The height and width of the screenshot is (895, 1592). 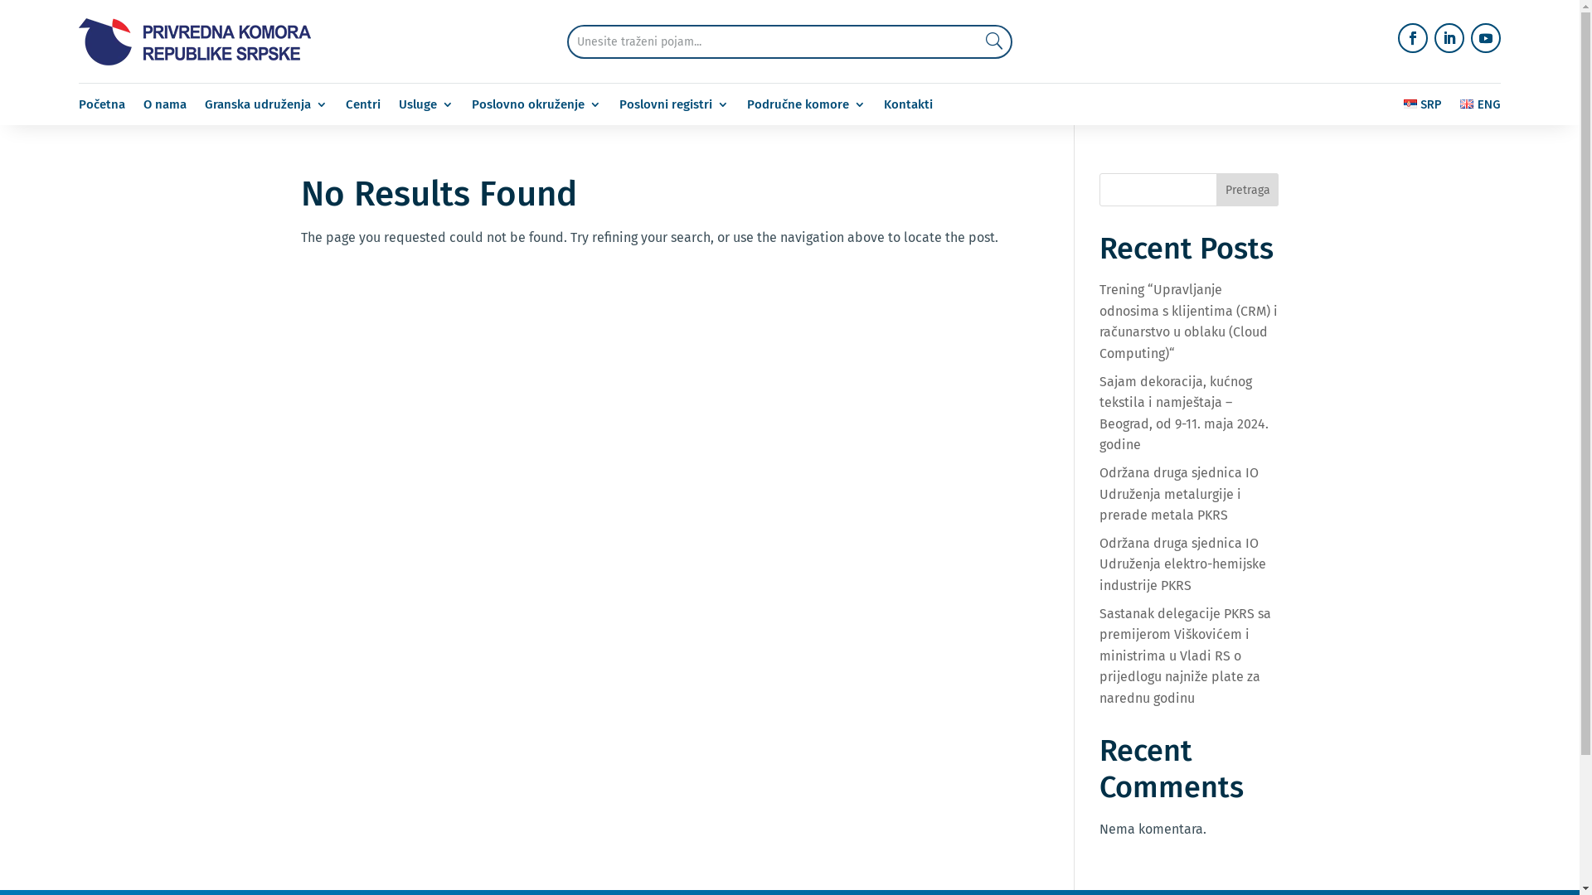 I want to click on 'Follow on Youtube', so click(x=1471, y=37).